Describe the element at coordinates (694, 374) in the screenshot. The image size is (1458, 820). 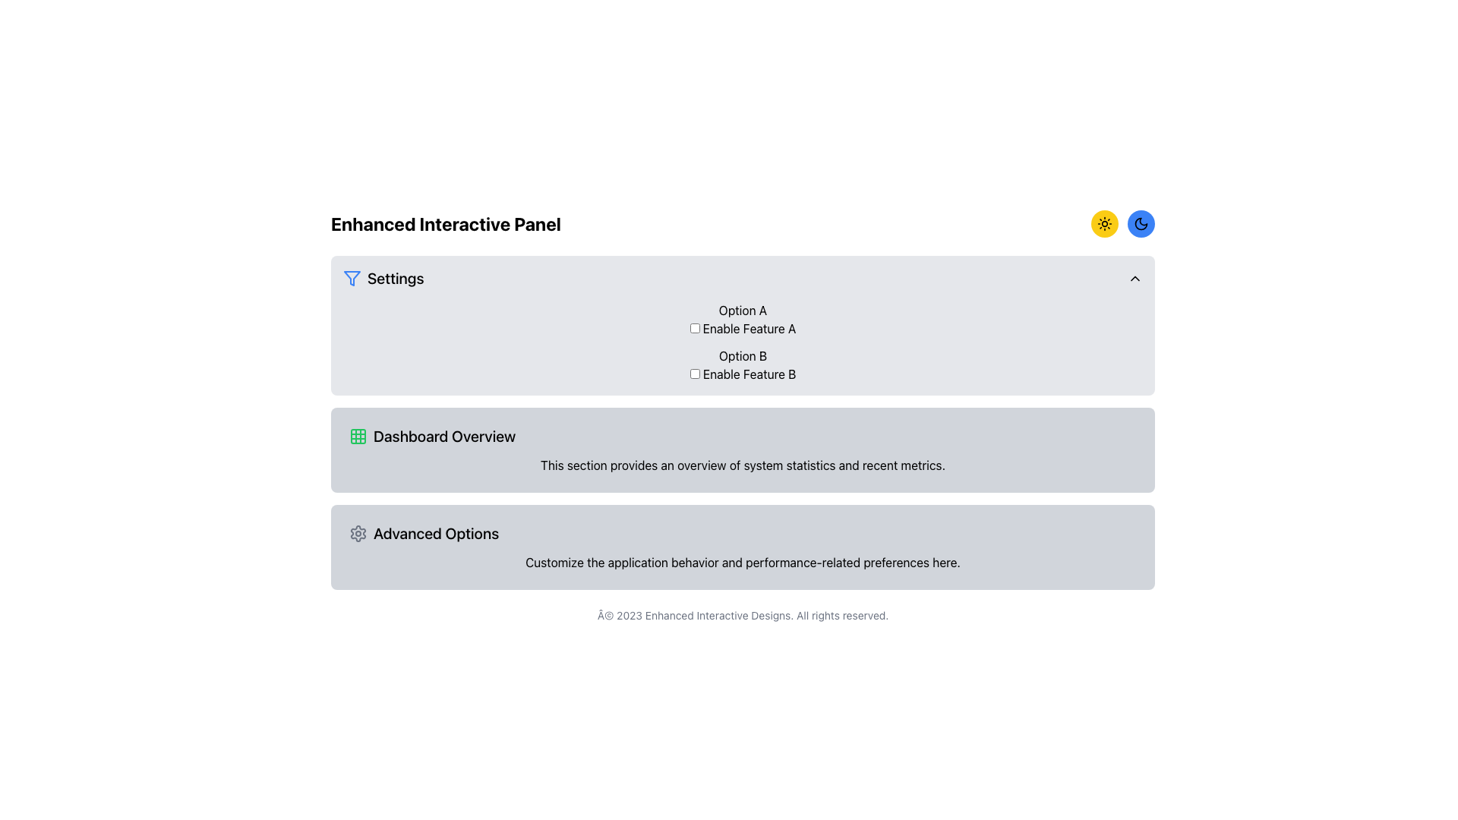
I see `the checkbox` at that location.